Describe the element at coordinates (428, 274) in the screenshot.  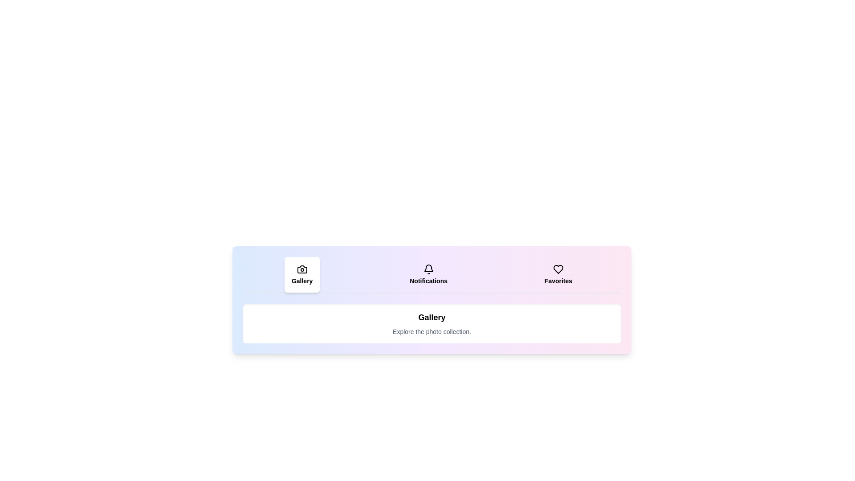
I see `the Notifications tab to view its content` at that location.